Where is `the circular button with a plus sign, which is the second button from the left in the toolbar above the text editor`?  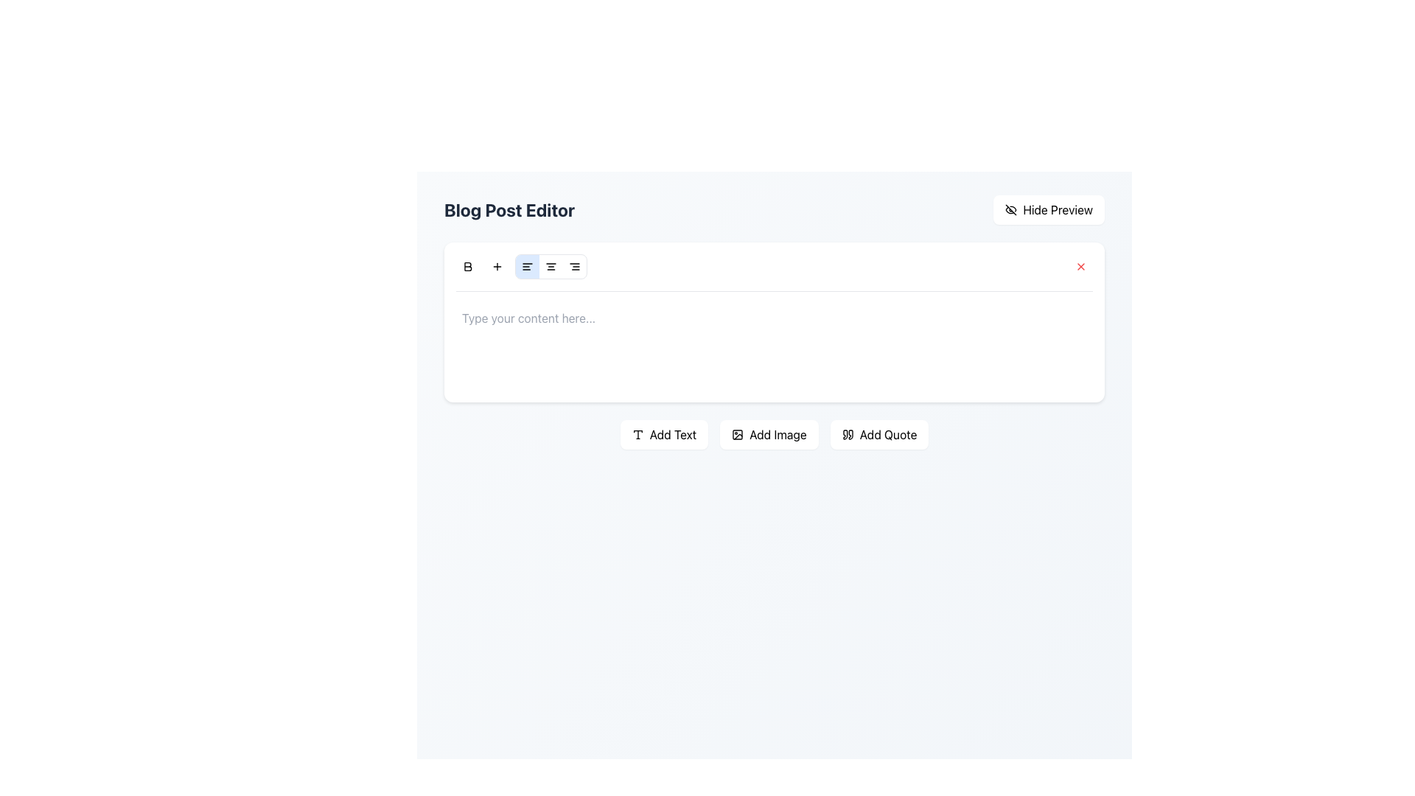
the circular button with a plus sign, which is the second button from the left in the toolbar above the text editor is located at coordinates (497, 267).